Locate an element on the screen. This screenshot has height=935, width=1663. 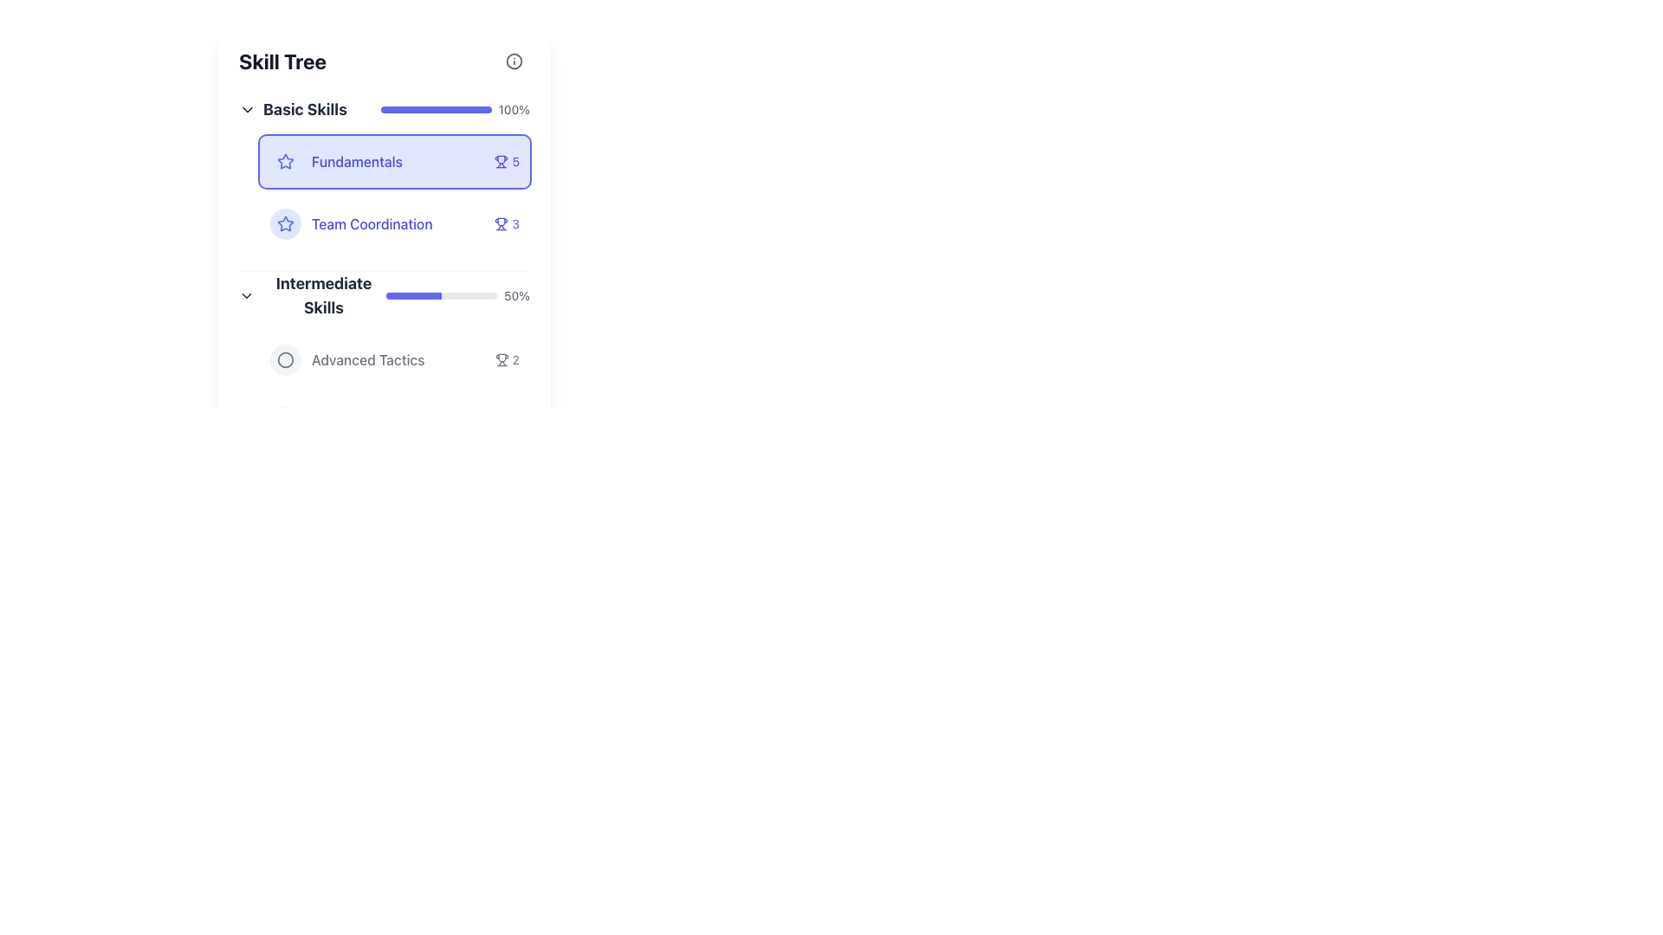
the informational icon located at the top-right corner of the interface is located at coordinates (514, 60).